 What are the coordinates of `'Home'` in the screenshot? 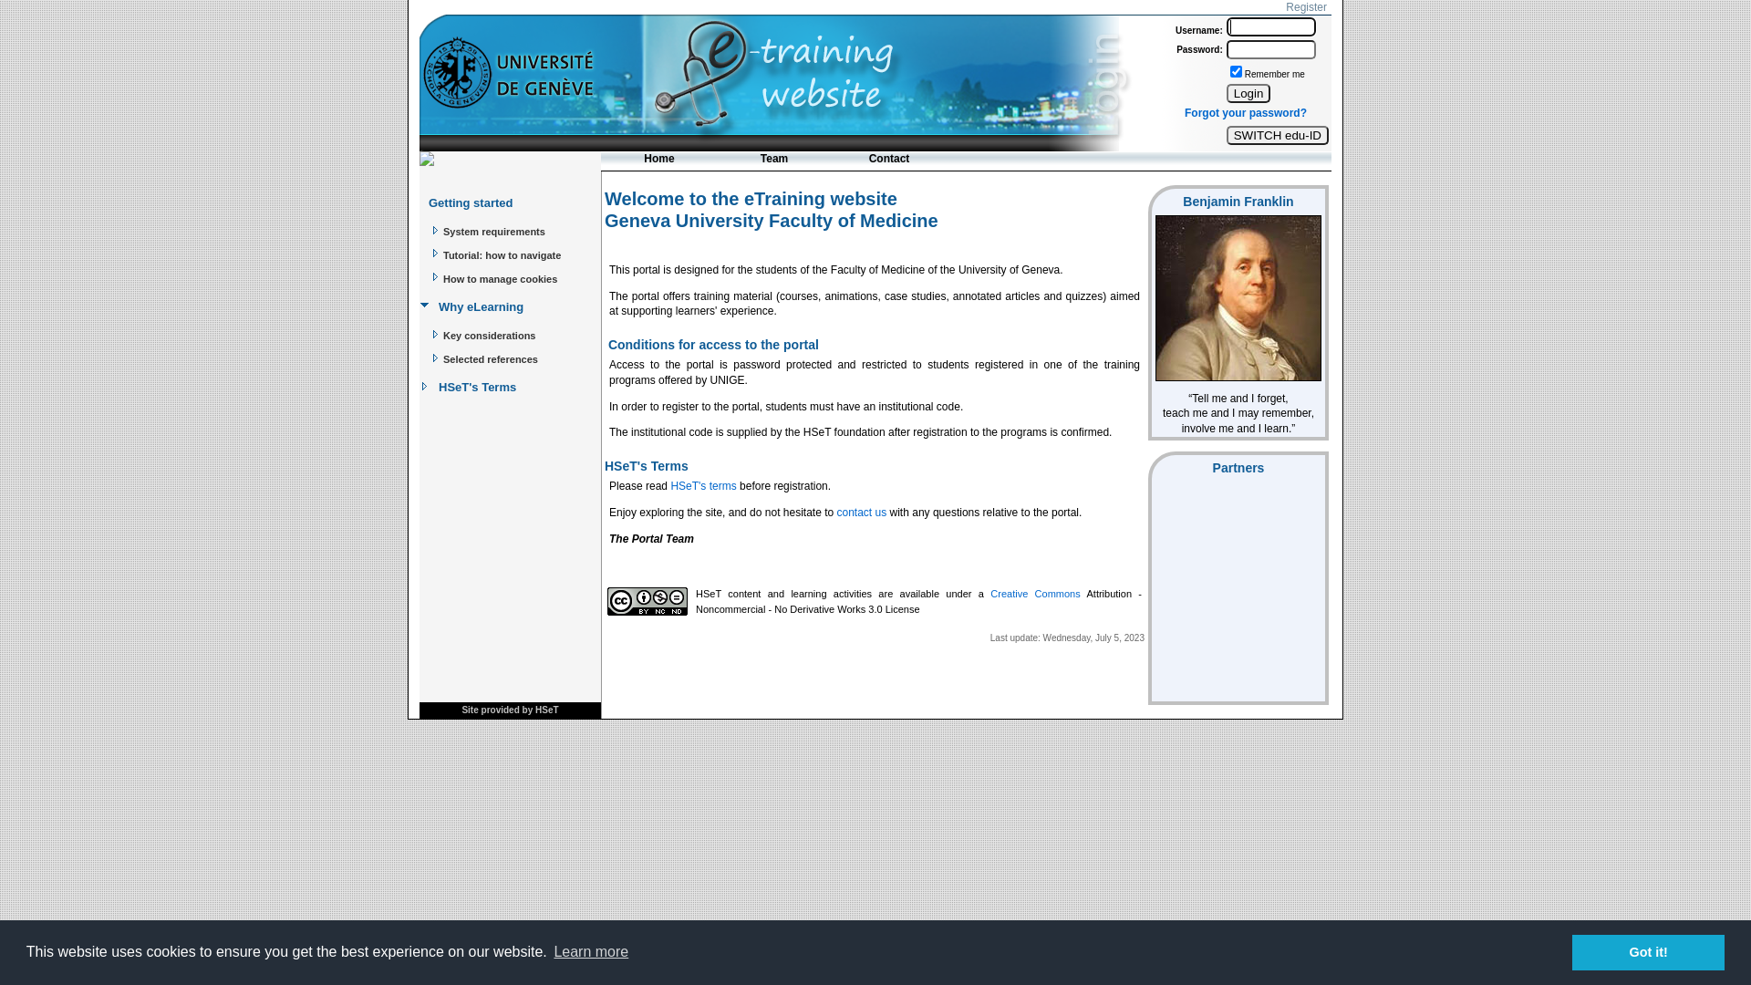 It's located at (658, 160).